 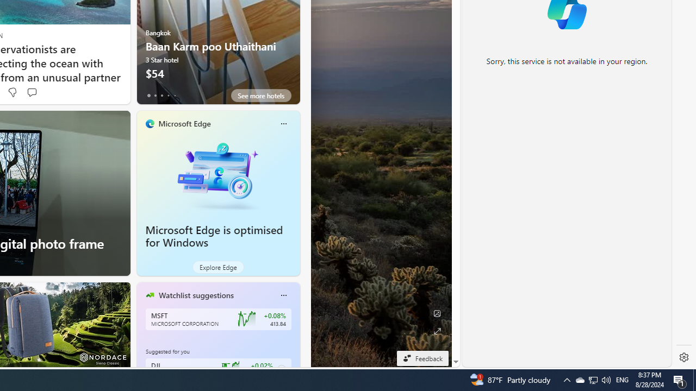 I want to click on 'Class: follow-button  m', so click(x=281, y=369).